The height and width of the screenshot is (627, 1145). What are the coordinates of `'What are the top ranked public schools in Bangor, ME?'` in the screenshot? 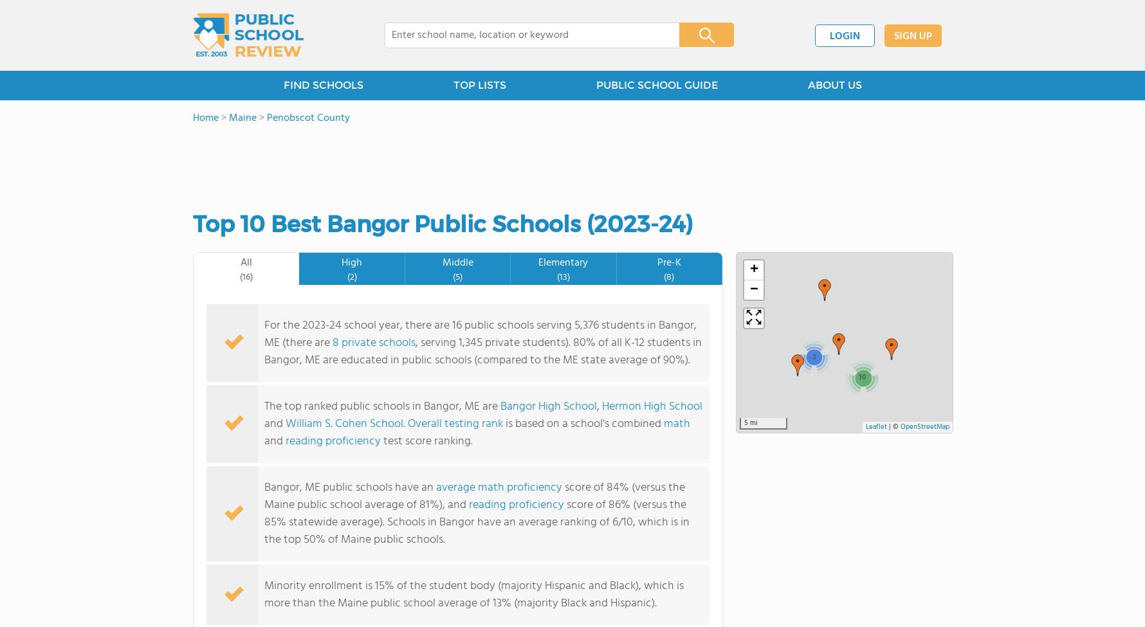 It's located at (219, 417).